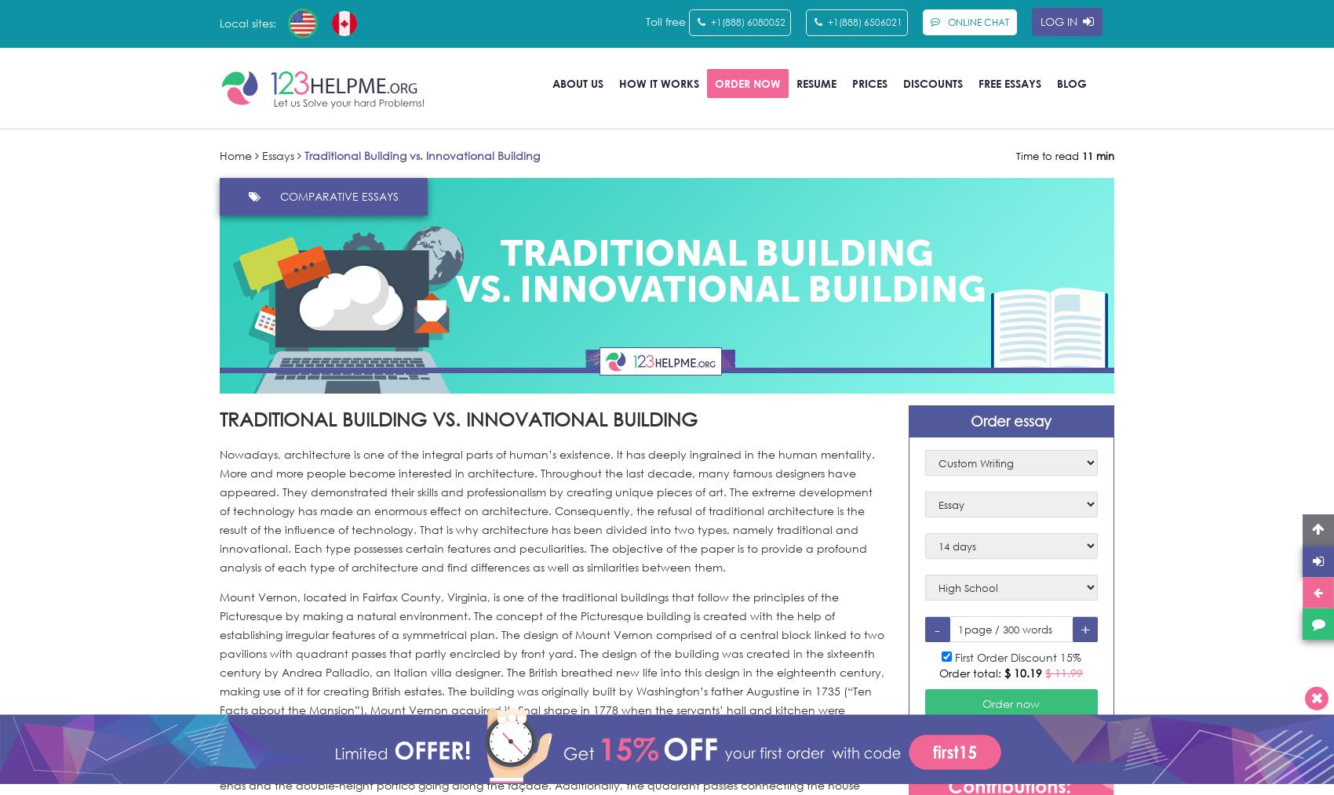 This screenshot has width=1334, height=795. What do you see at coordinates (1082, 155) in the screenshot?
I see `'11 min'` at bounding box center [1082, 155].